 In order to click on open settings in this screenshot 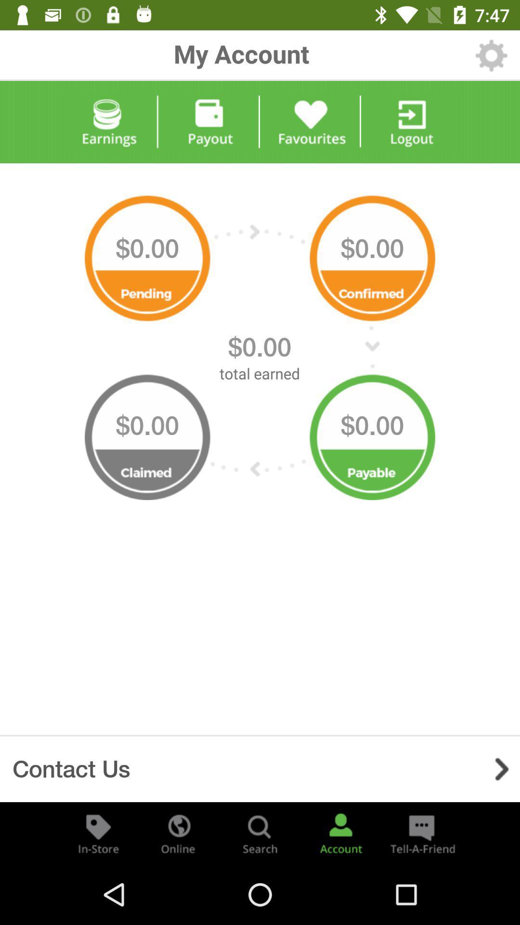, I will do `click(491, 55)`.